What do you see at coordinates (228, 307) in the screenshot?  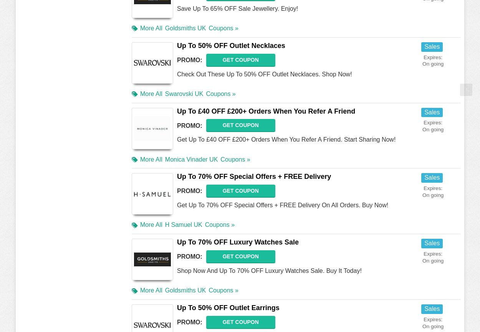 I see `'Up To 50% OFF Outlet Earrings'` at bounding box center [228, 307].